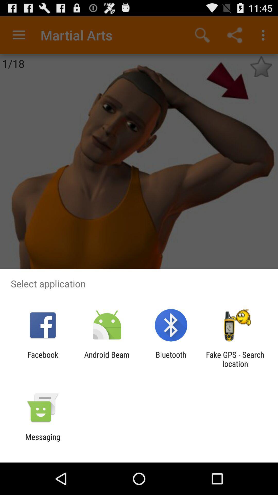 The height and width of the screenshot is (495, 278). I want to click on the item to the left of android beam app, so click(42, 359).